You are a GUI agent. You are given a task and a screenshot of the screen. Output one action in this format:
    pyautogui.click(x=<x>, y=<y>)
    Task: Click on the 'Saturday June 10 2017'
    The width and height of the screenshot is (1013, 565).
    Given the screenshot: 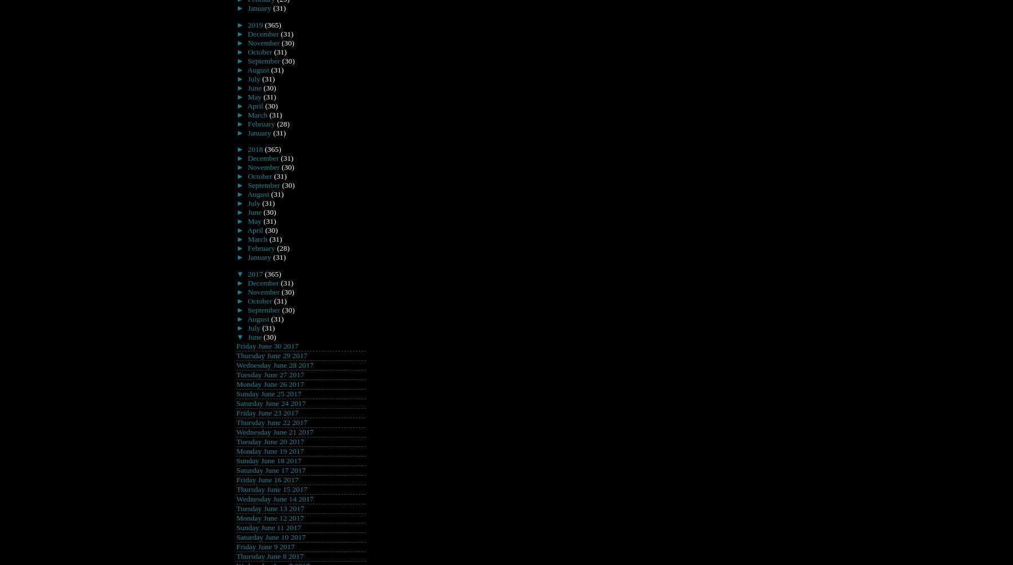 What is the action you would take?
    pyautogui.click(x=236, y=536)
    